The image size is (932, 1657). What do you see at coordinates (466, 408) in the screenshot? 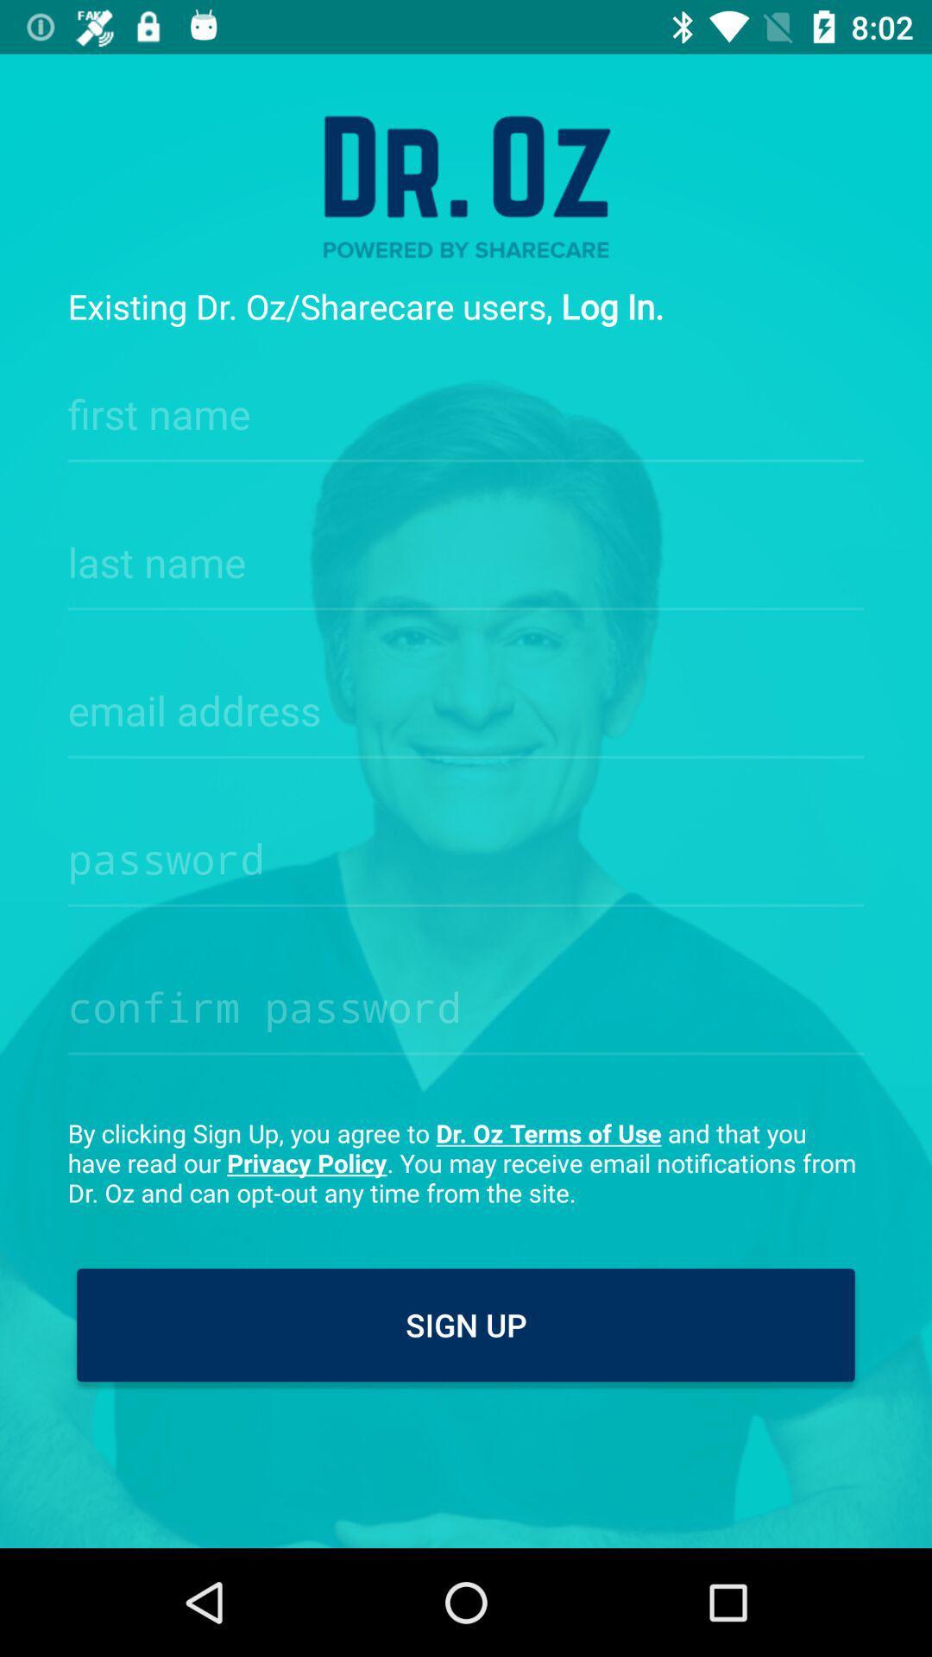
I see `write the first name` at bounding box center [466, 408].